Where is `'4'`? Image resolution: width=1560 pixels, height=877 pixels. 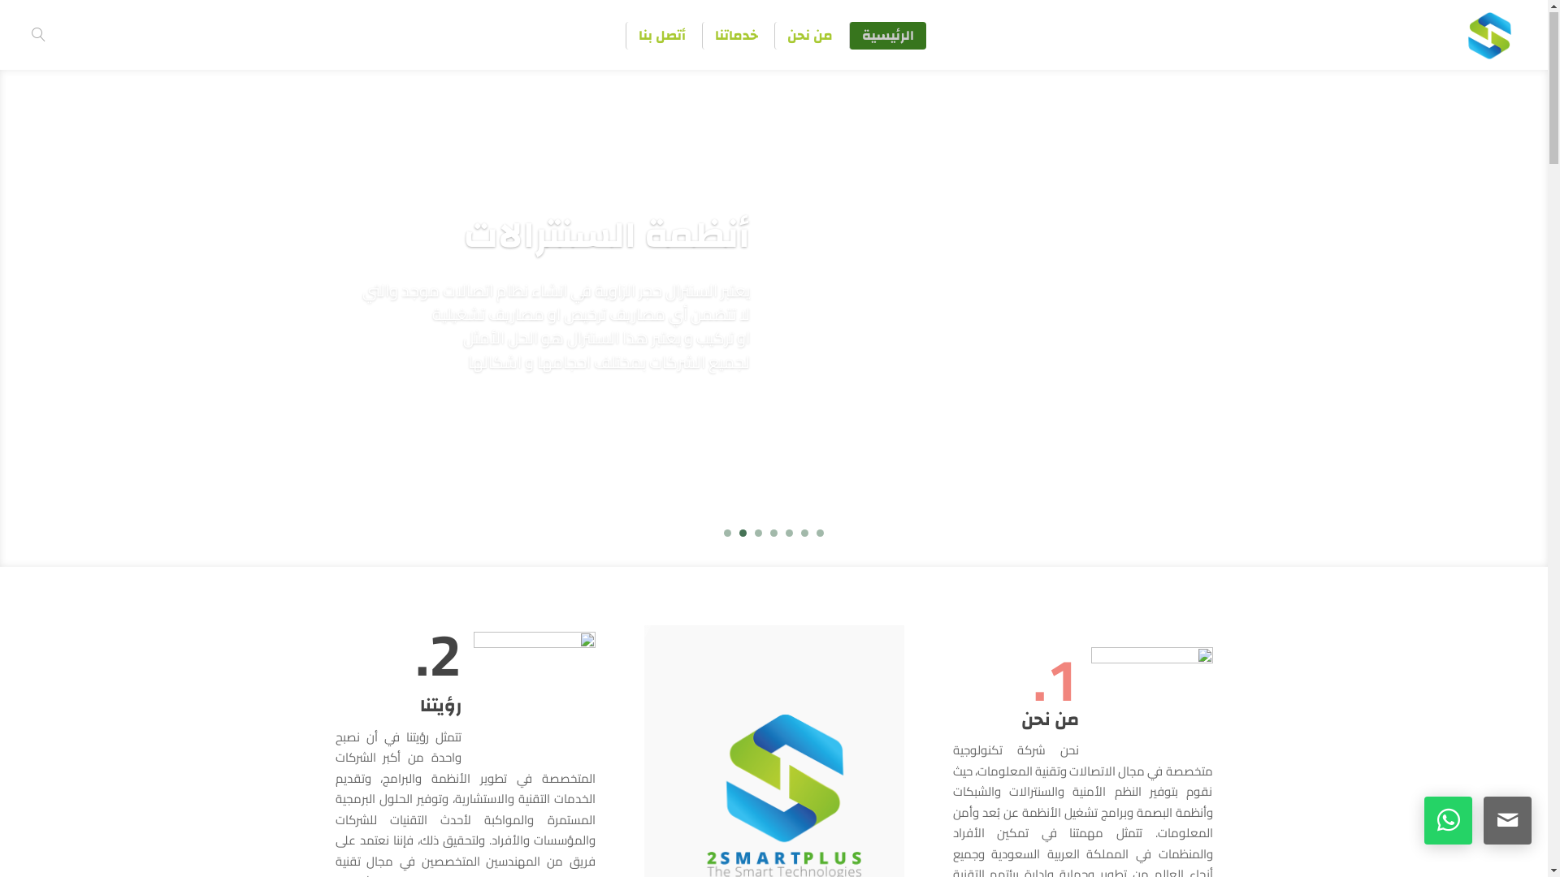
'4' is located at coordinates (773, 534).